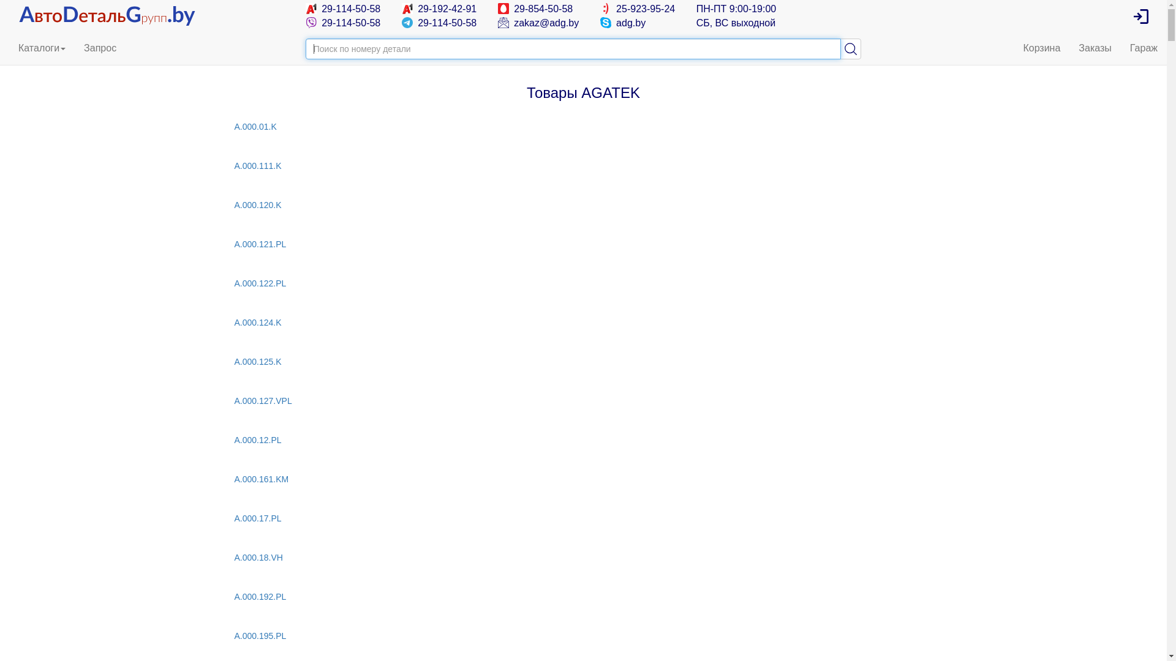  Describe the element at coordinates (582, 127) in the screenshot. I see `'A.000.01.K'` at that location.